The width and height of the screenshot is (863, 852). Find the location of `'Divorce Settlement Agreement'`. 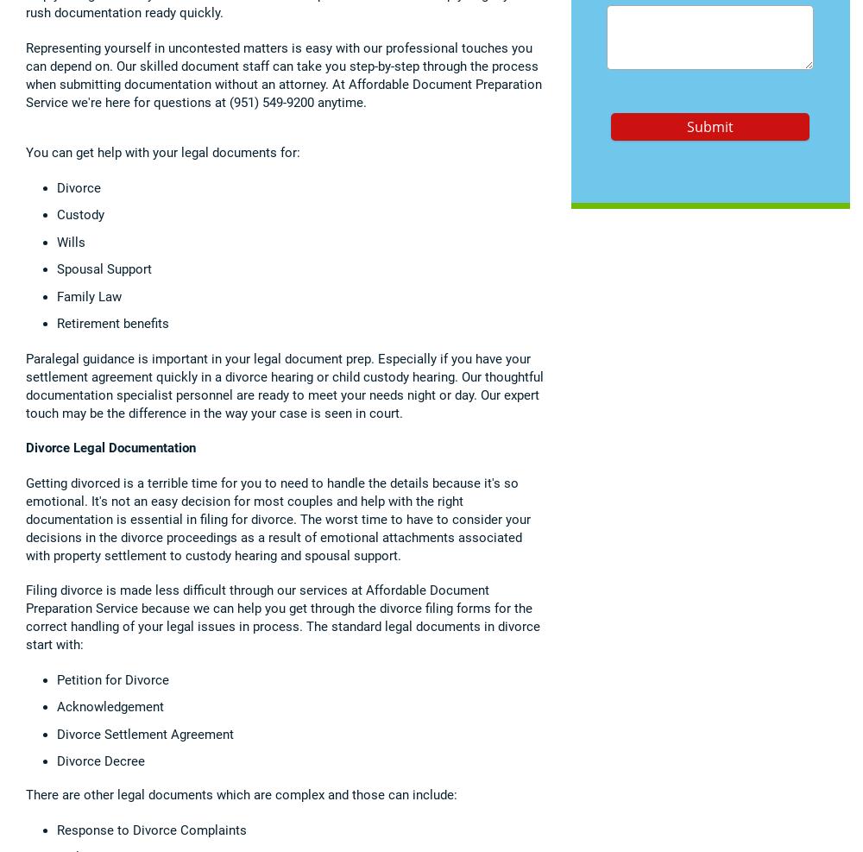

'Divorce Settlement Agreement' is located at coordinates (145, 733).